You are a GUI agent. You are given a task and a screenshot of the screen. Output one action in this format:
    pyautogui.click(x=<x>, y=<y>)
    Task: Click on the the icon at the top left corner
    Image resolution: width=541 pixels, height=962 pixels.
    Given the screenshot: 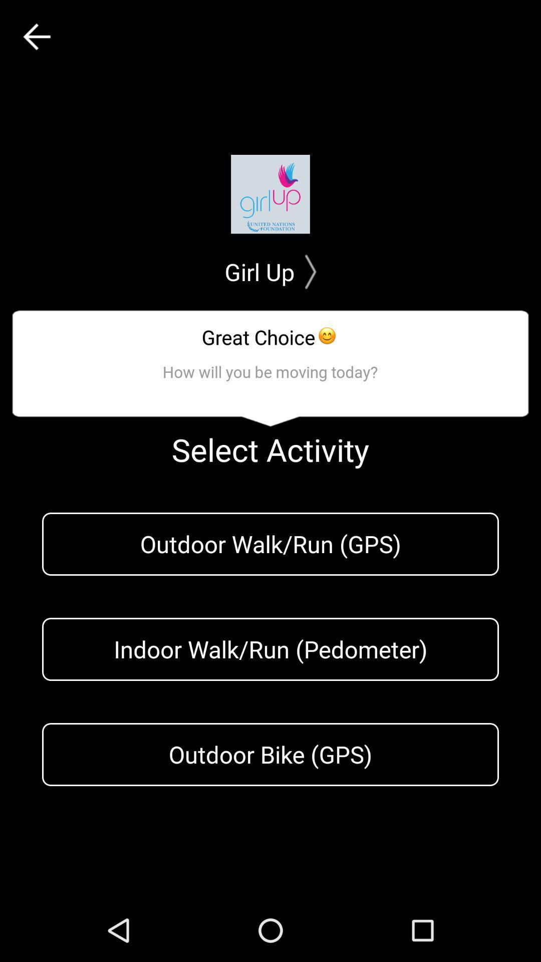 What is the action you would take?
    pyautogui.click(x=36, y=37)
    